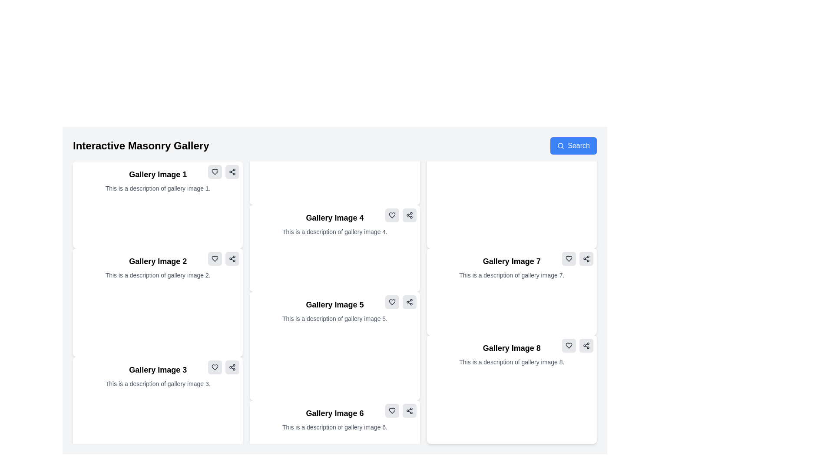 The height and width of the screenshot is (469, 834). What do you see at coordinates (215, 367) in the screenshot?
I see `the small, rounded rectangle button with a light gray background and a heart icon in the center, located at the top-right corner of the card labeled 'Gallery Image 3' to like or favorite` at bounding box center [215, 367].